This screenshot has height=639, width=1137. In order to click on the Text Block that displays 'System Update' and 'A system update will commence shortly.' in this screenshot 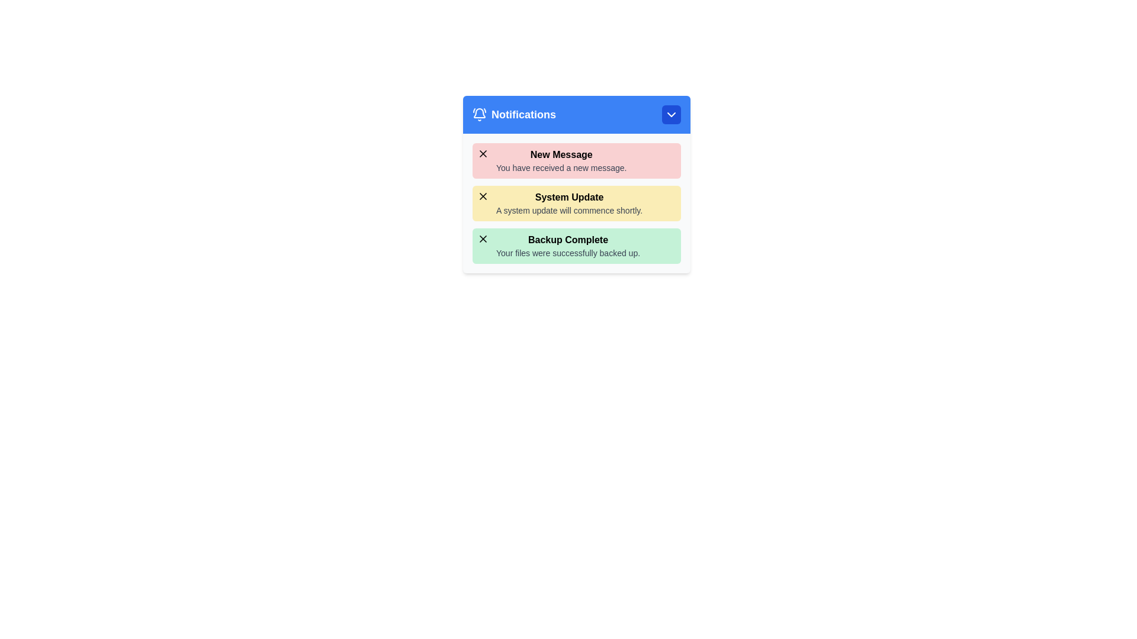, I will do `click(569, 202)`.